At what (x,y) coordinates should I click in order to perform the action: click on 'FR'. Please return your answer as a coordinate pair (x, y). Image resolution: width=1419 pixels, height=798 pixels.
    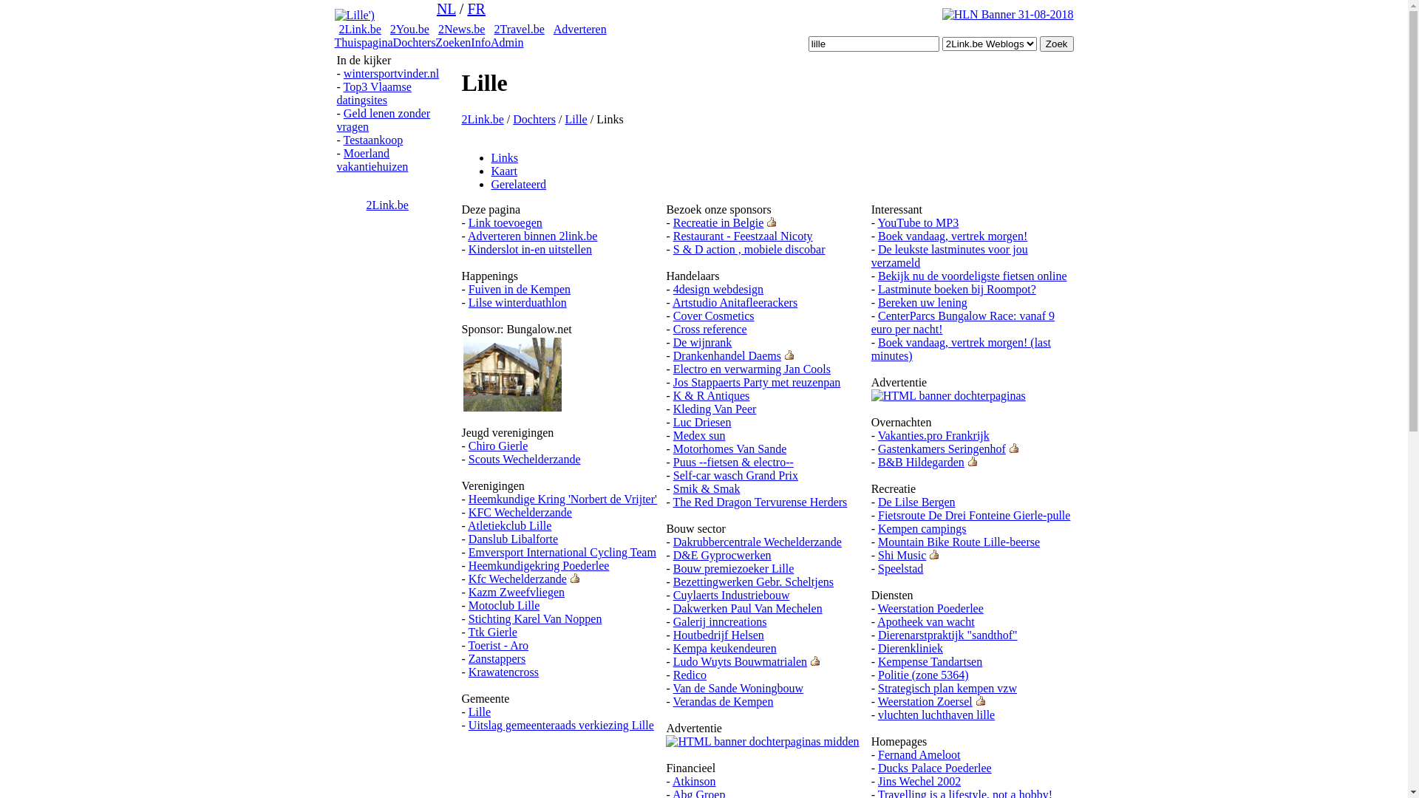
    Looking at the image, I should click on (466, 8).